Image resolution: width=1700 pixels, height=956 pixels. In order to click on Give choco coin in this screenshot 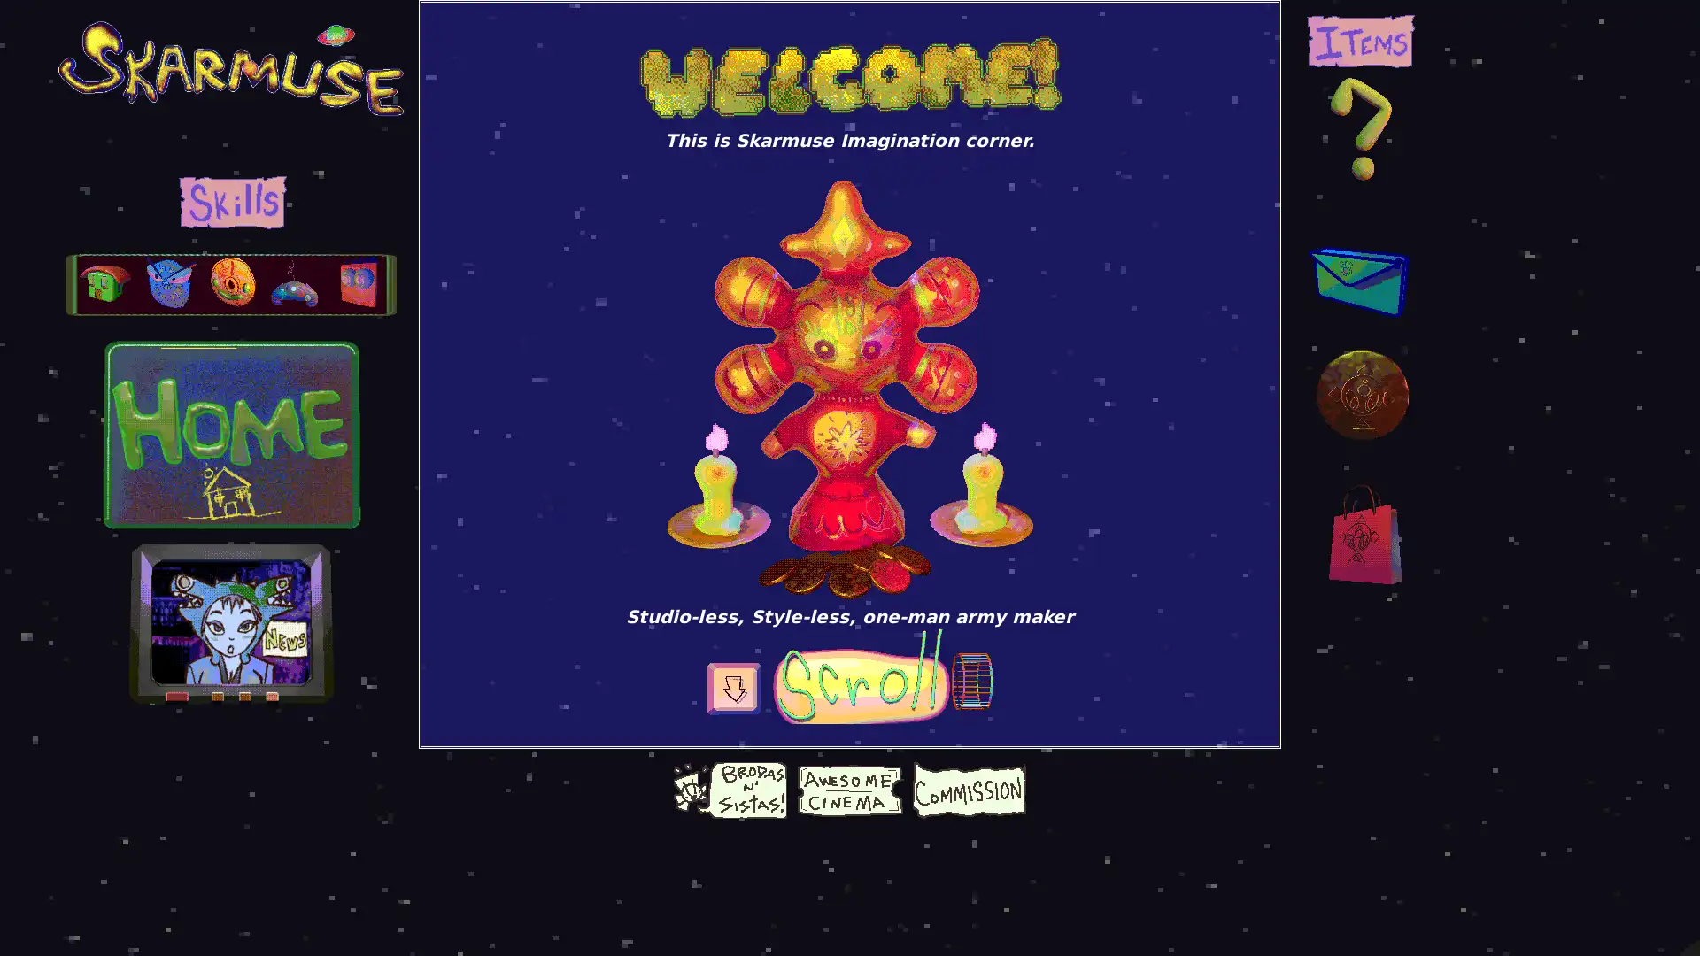, I will do `click(848, 819)`.